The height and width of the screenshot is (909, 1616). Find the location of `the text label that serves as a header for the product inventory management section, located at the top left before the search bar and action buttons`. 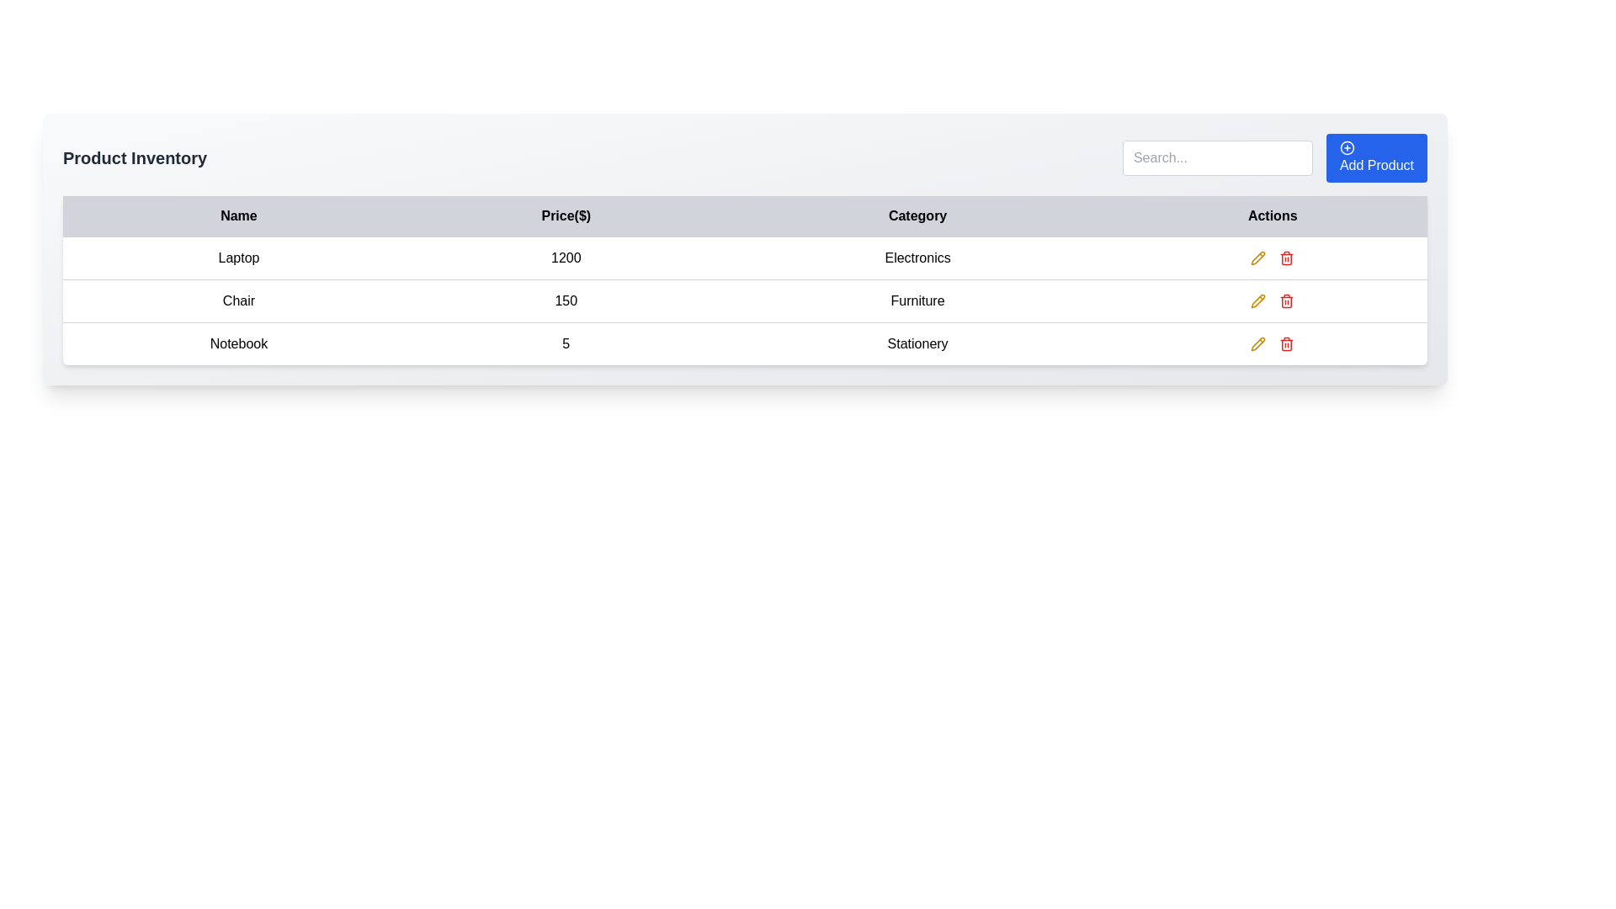

the text label that serves as a header for the product inventory management section, located at the top left before the search bar and action buttons is located at coordinates (135, 158).